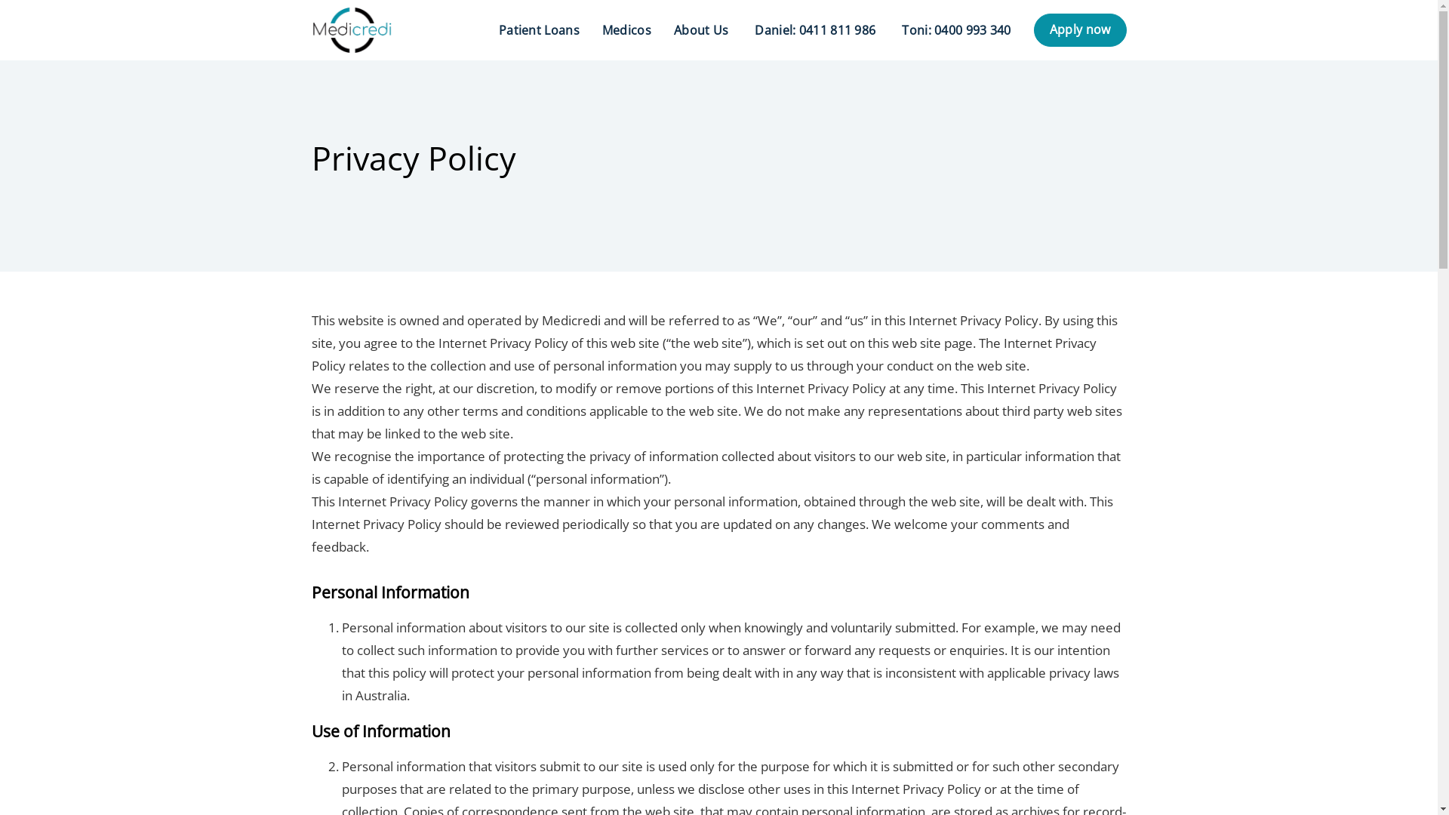 This screenshot has width=1449, height=815. What do you see at coordinates (1079, 29) in the screenshot?
I see `'Apply now'` at bounding box center [1079, 29].